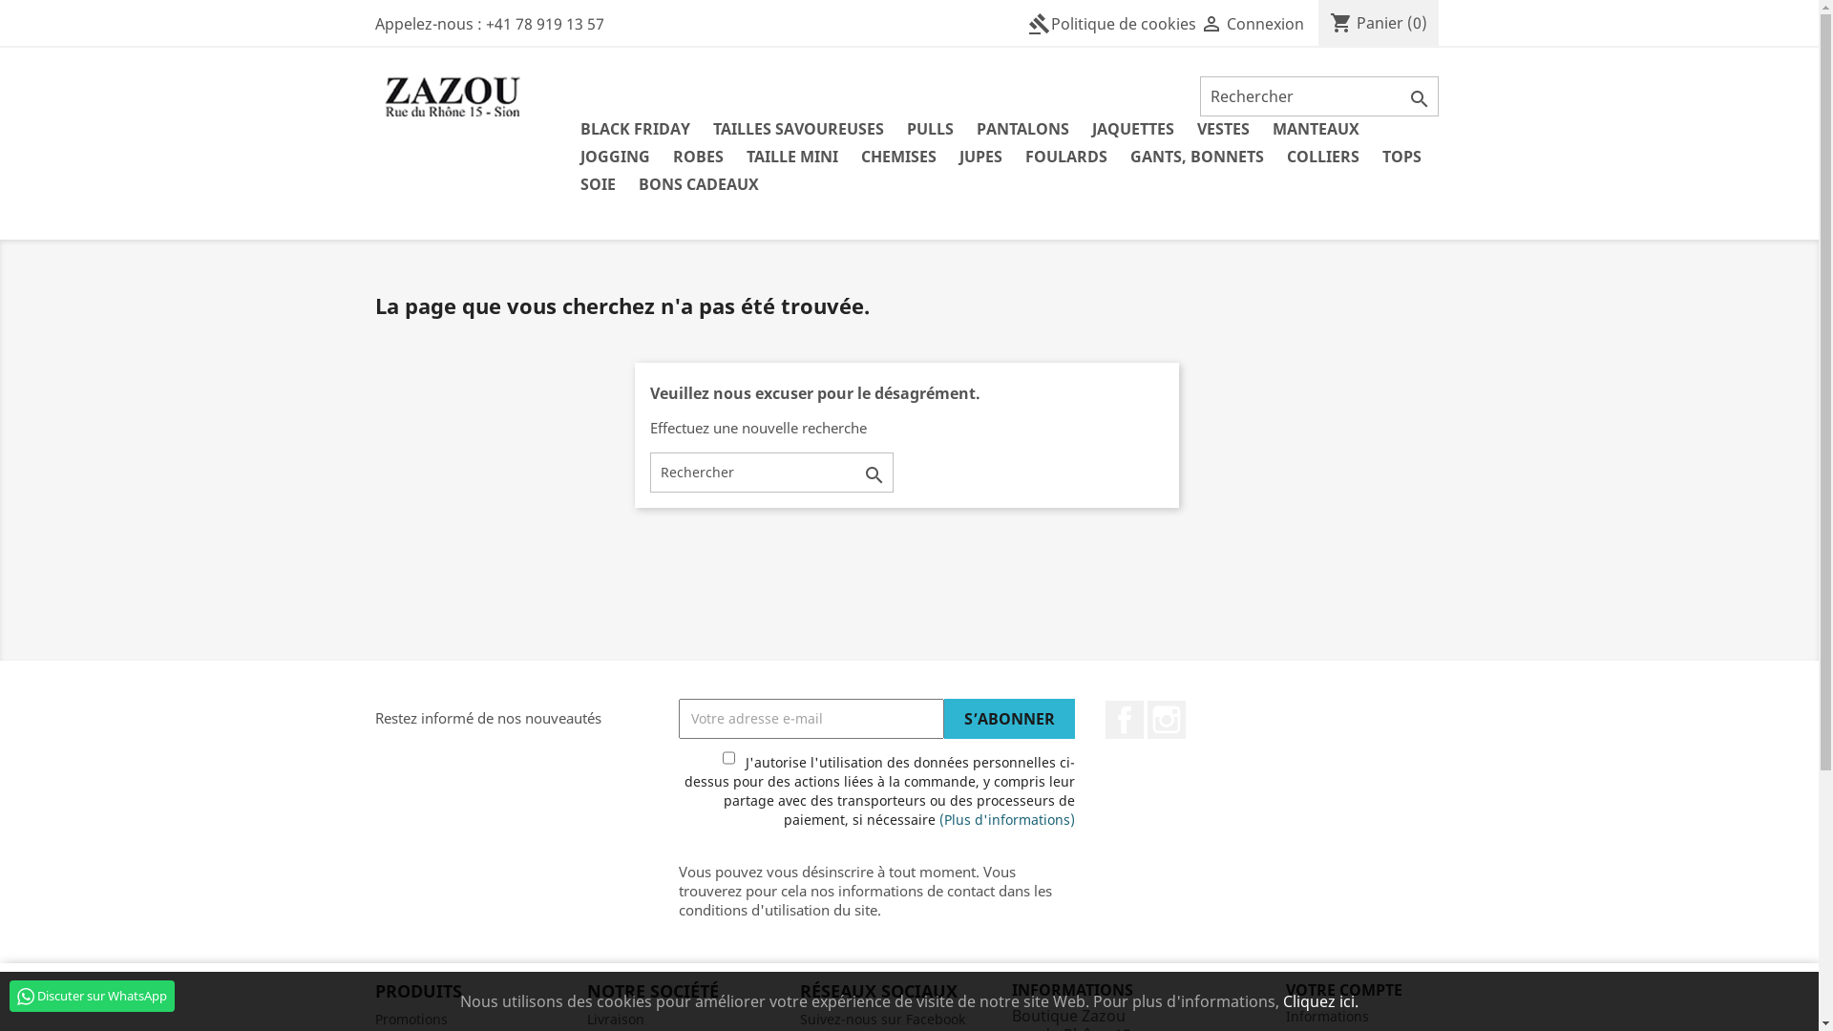 This screenshot has height=1031, width=1833. I want to click on 'SOIE', so click(597, 185).